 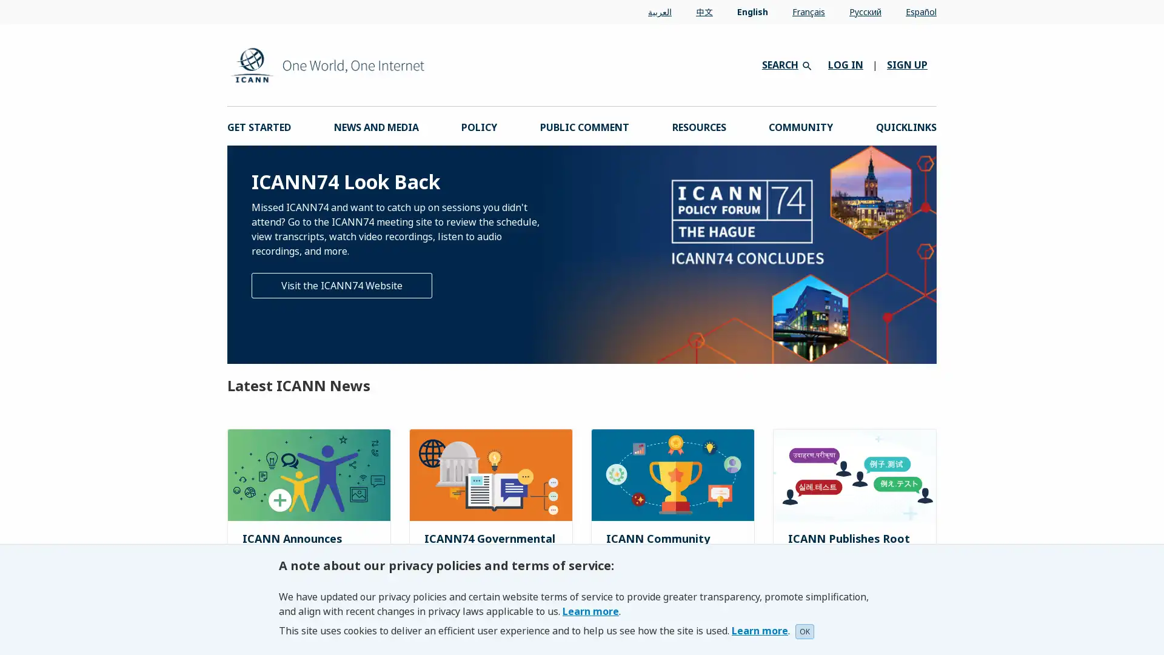 What do you see at coordinates (341, 285) in the screenshot?
I see `Visit the ICANN74 Website` at bounding box center [341, 285].